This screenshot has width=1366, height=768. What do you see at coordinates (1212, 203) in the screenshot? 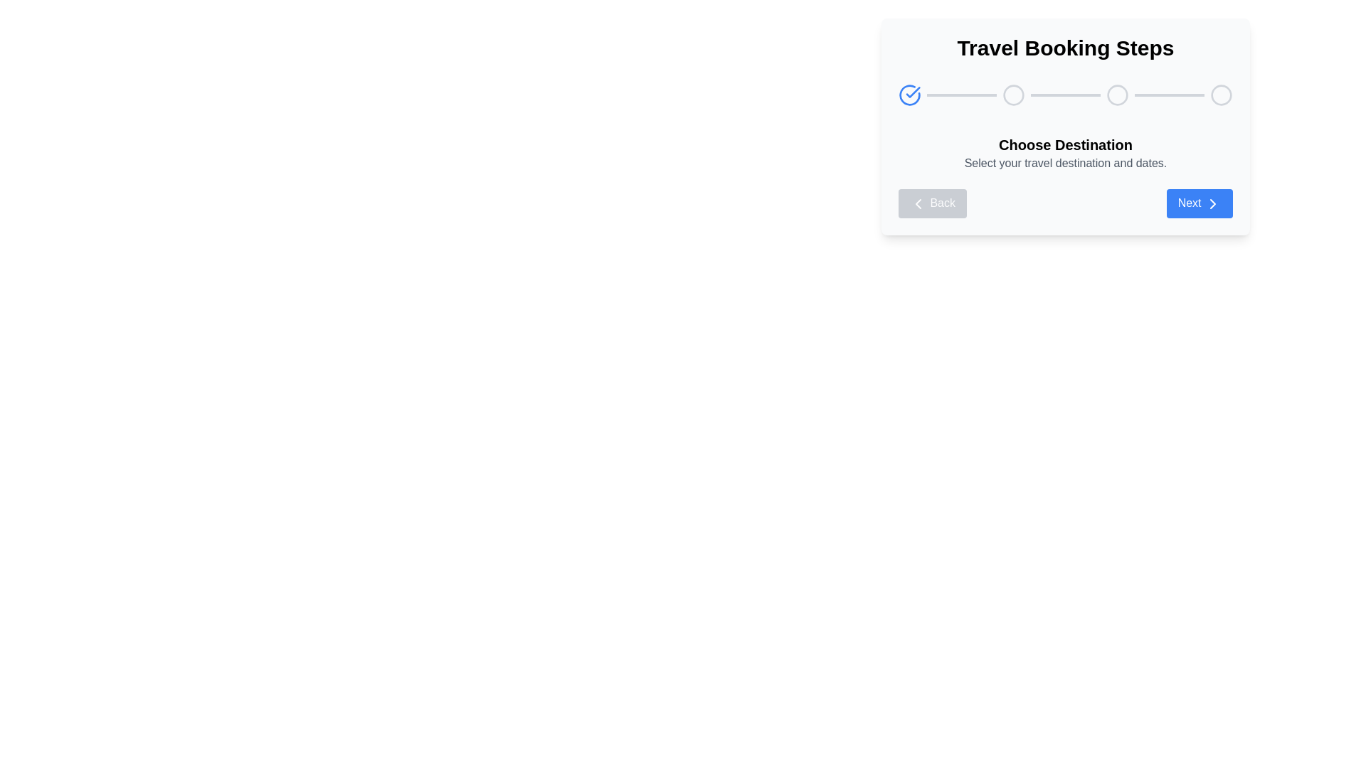
I see `the 'Next' button containing the right-pointing chevron icon to observe the hover effect` at bounding box center [1212, 203].